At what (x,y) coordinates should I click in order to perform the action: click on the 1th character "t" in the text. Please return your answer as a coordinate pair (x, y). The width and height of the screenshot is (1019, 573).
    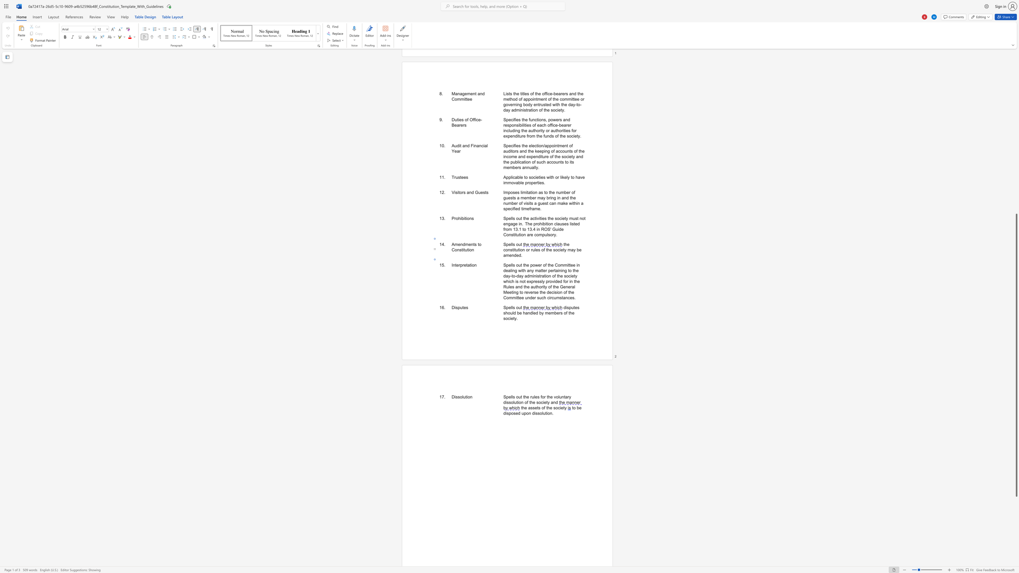
    Looking at the image, I should click on (466, 396).